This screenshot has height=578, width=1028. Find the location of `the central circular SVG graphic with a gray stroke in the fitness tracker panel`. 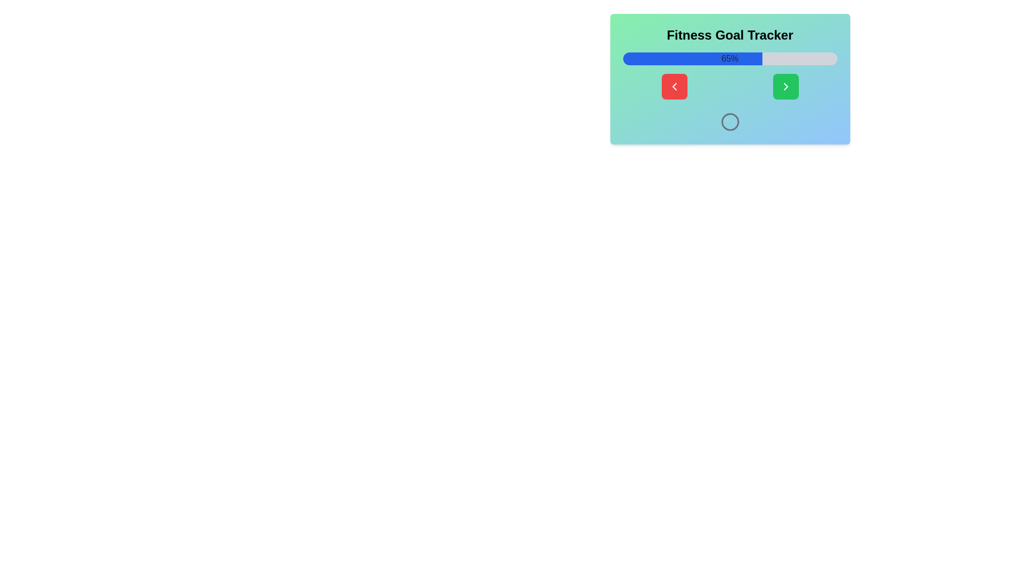

the central circular SVG graphic with a gray stroke in the fitness tracker panel is located at coordinates (729, 121).